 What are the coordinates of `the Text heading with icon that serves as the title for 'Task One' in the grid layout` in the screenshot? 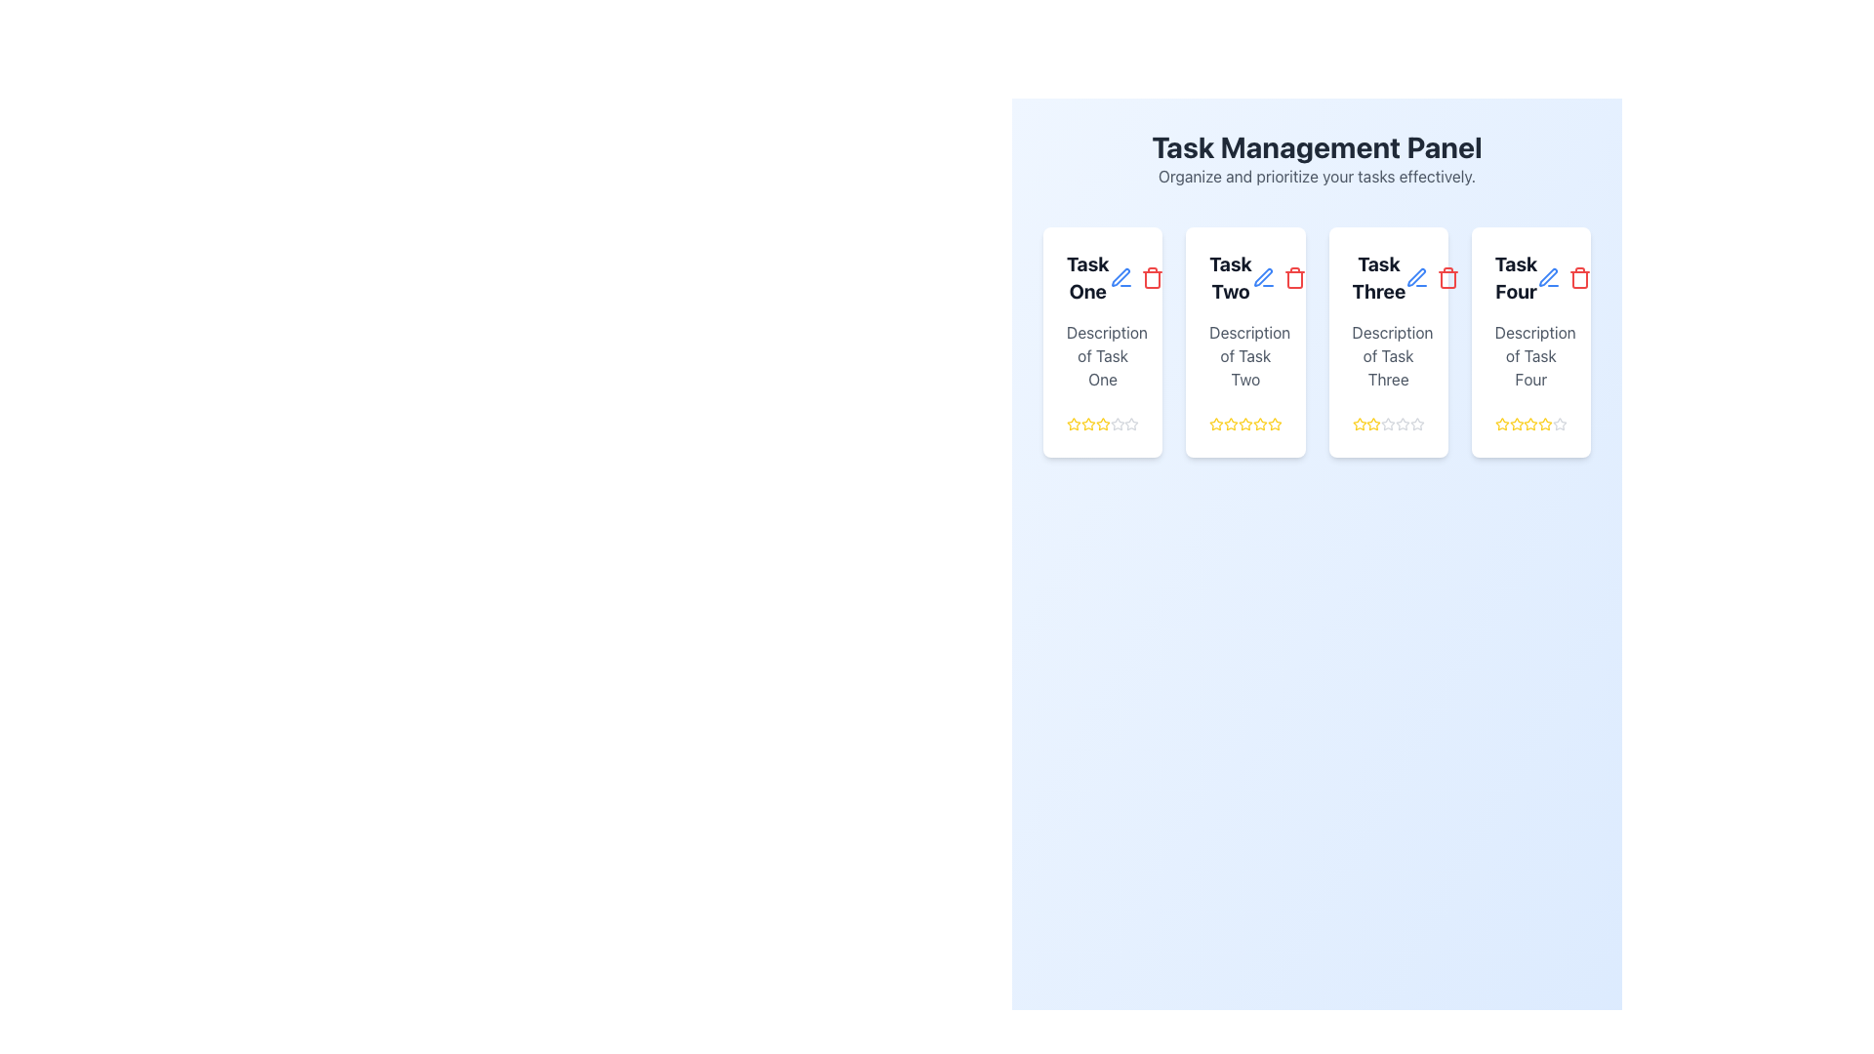 It's located at (1103, 278).